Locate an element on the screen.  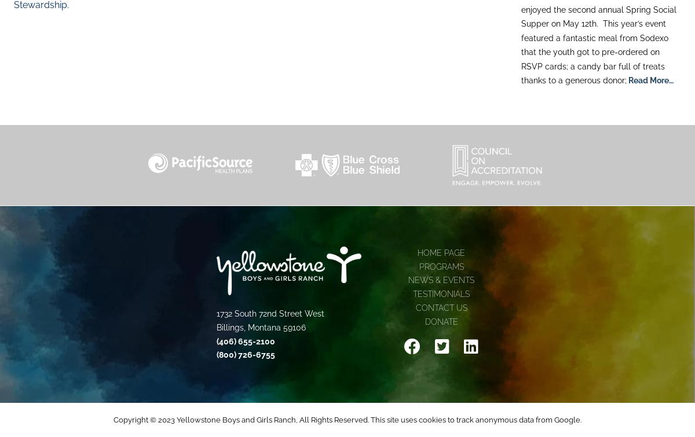
'(800) 726-6755' is located at coordinates (246, 354).